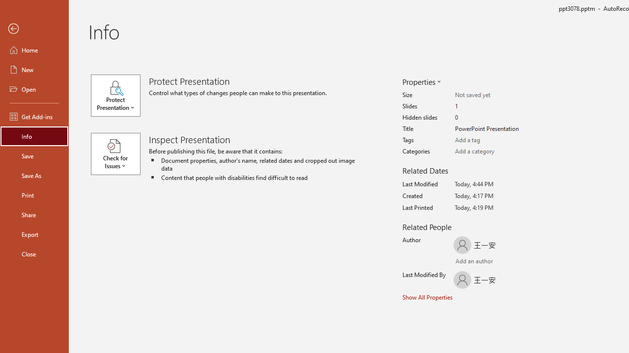 The height and width of the screenshot is (353, 629). I want to click on 'Save As', so click(34, 175).